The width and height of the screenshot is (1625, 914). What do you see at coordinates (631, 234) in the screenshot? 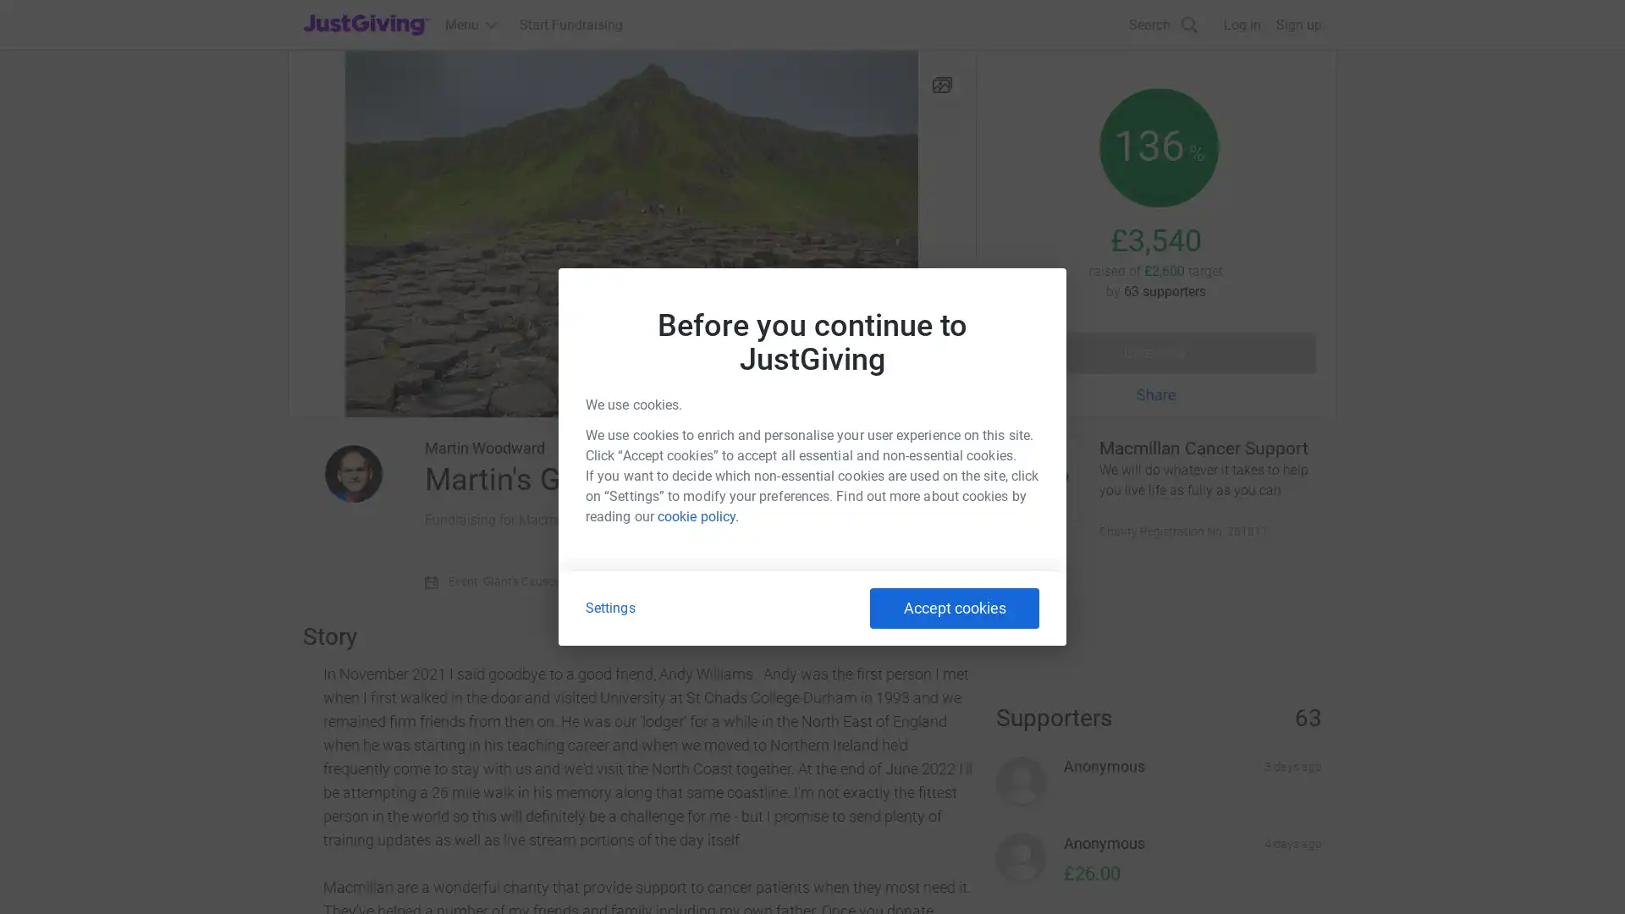
I see `Open the Image Gallery` at bounding box center [631, 234].